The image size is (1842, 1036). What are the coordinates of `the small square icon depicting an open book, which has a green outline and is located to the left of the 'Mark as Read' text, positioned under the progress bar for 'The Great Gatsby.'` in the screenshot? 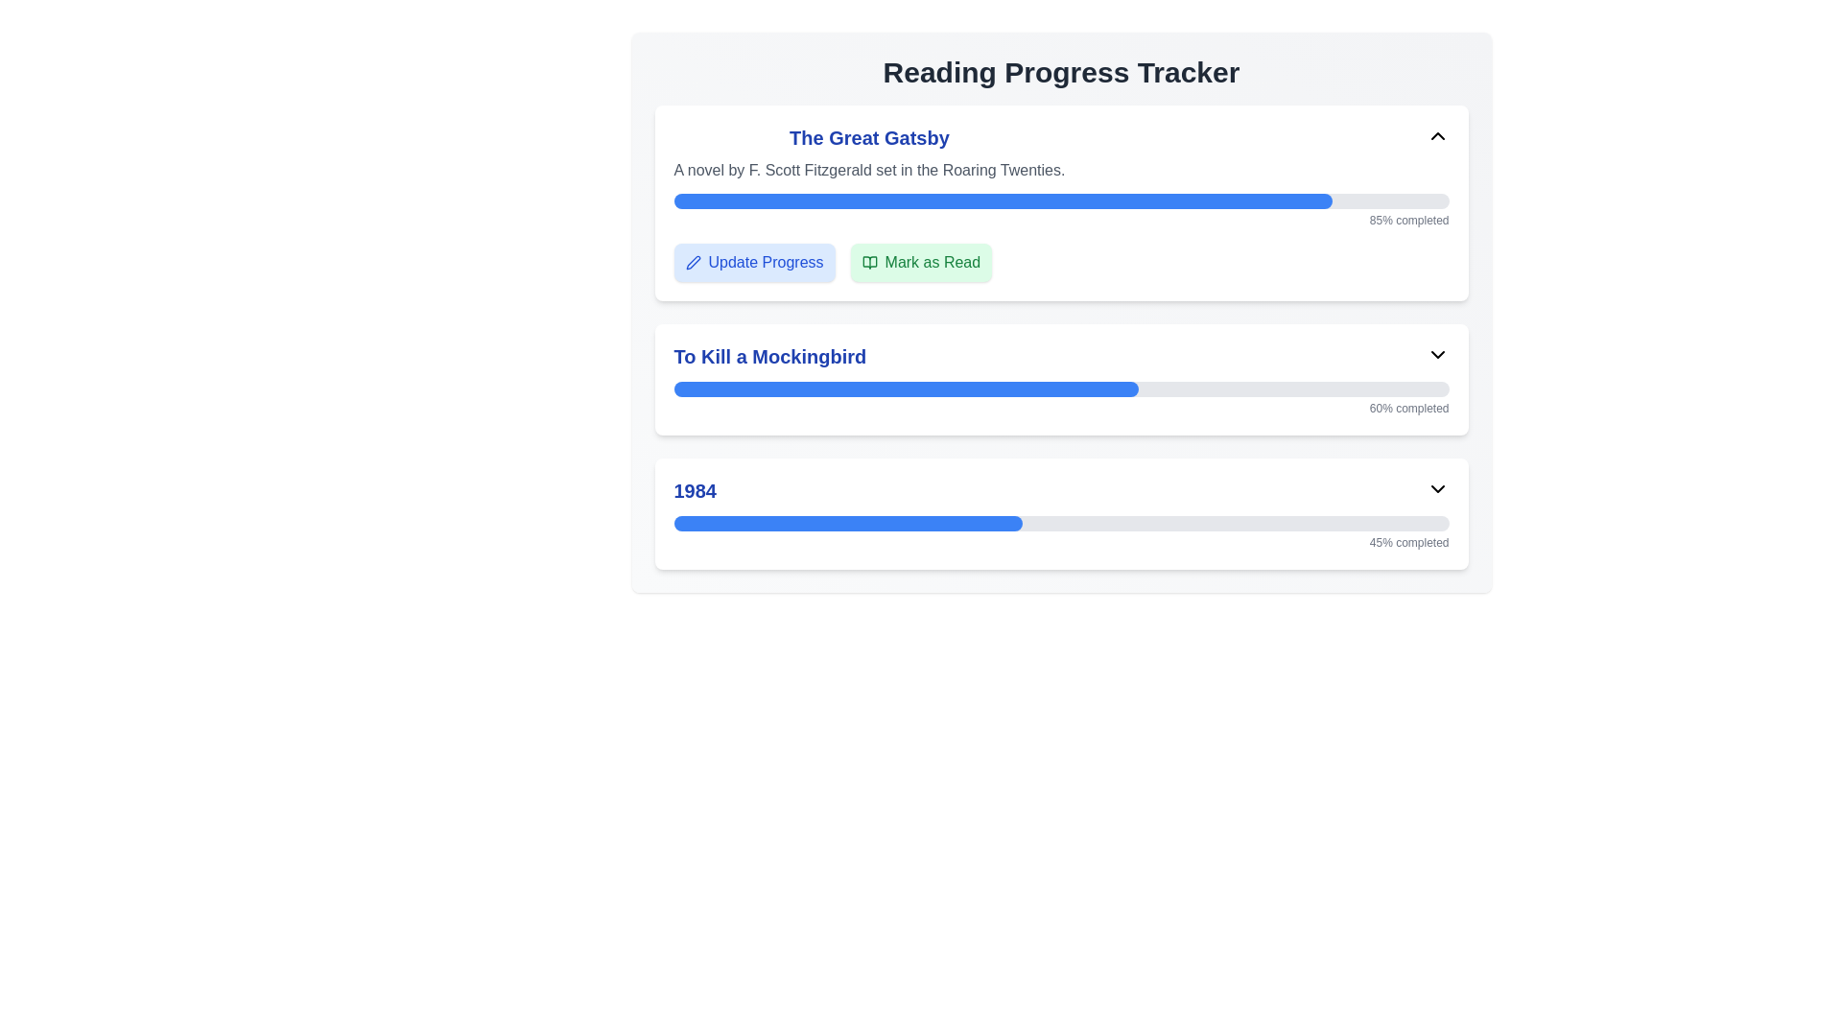 It's located at (868, 262).